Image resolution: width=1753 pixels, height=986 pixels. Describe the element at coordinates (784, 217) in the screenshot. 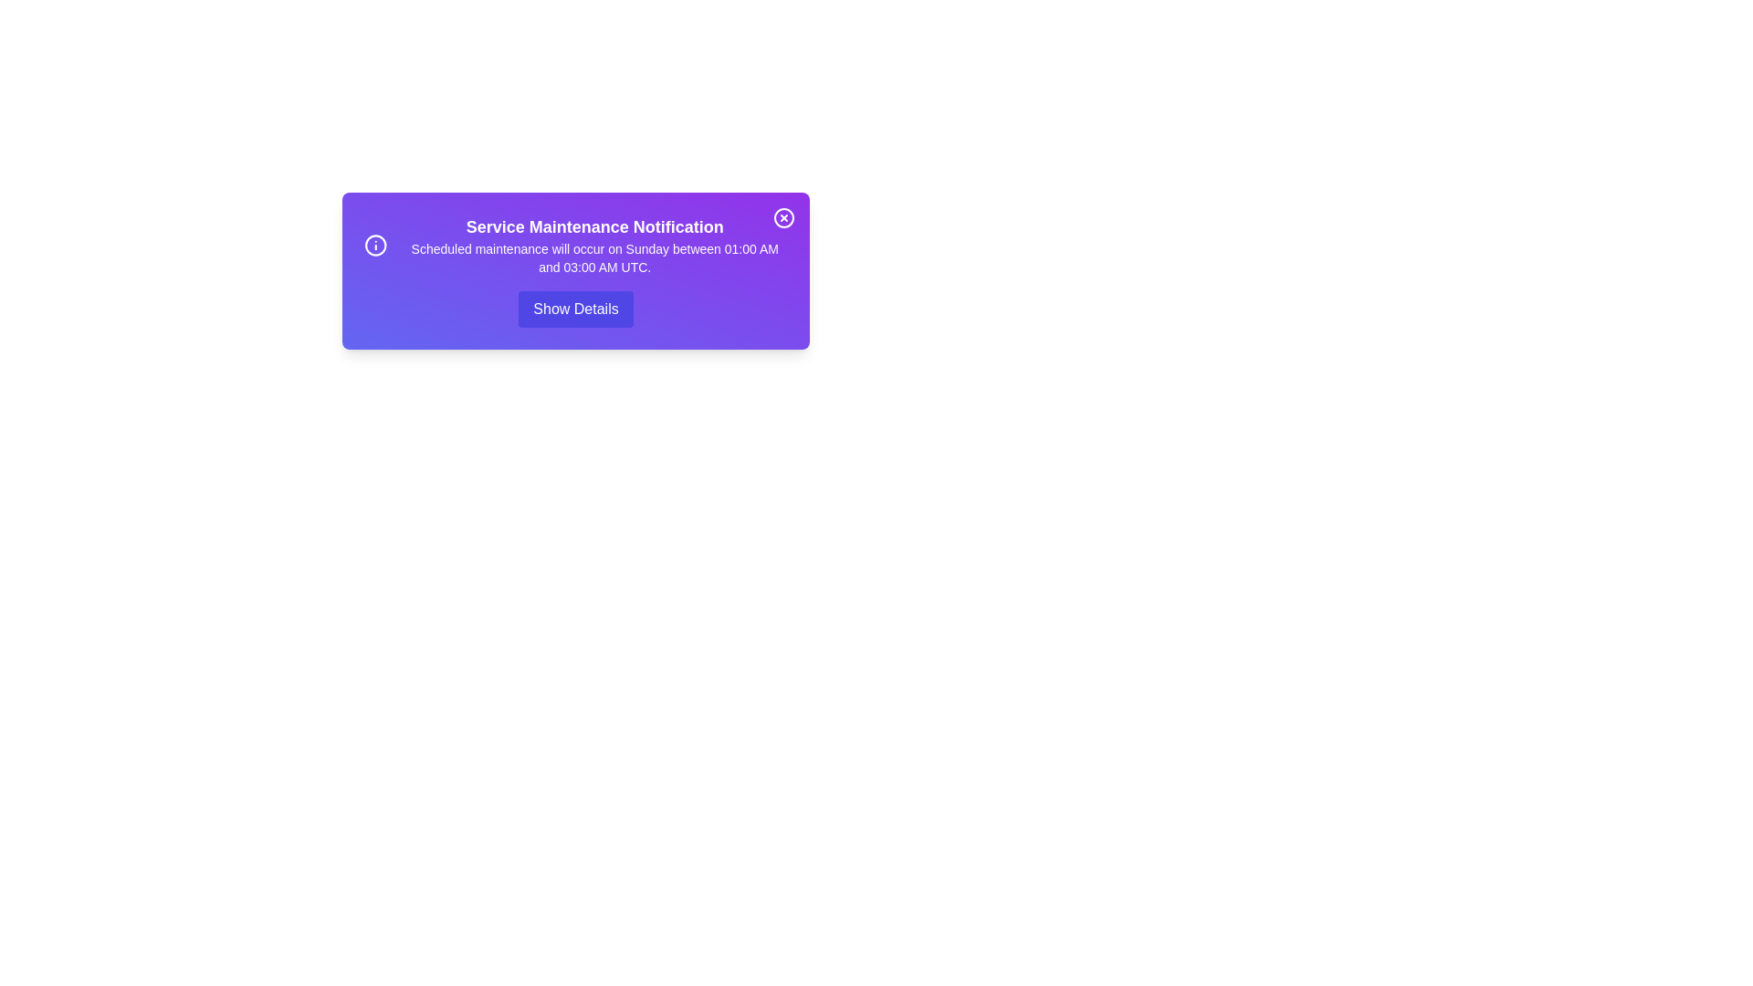

I see `the close button at the top-right corner of the notification alert` at that location.